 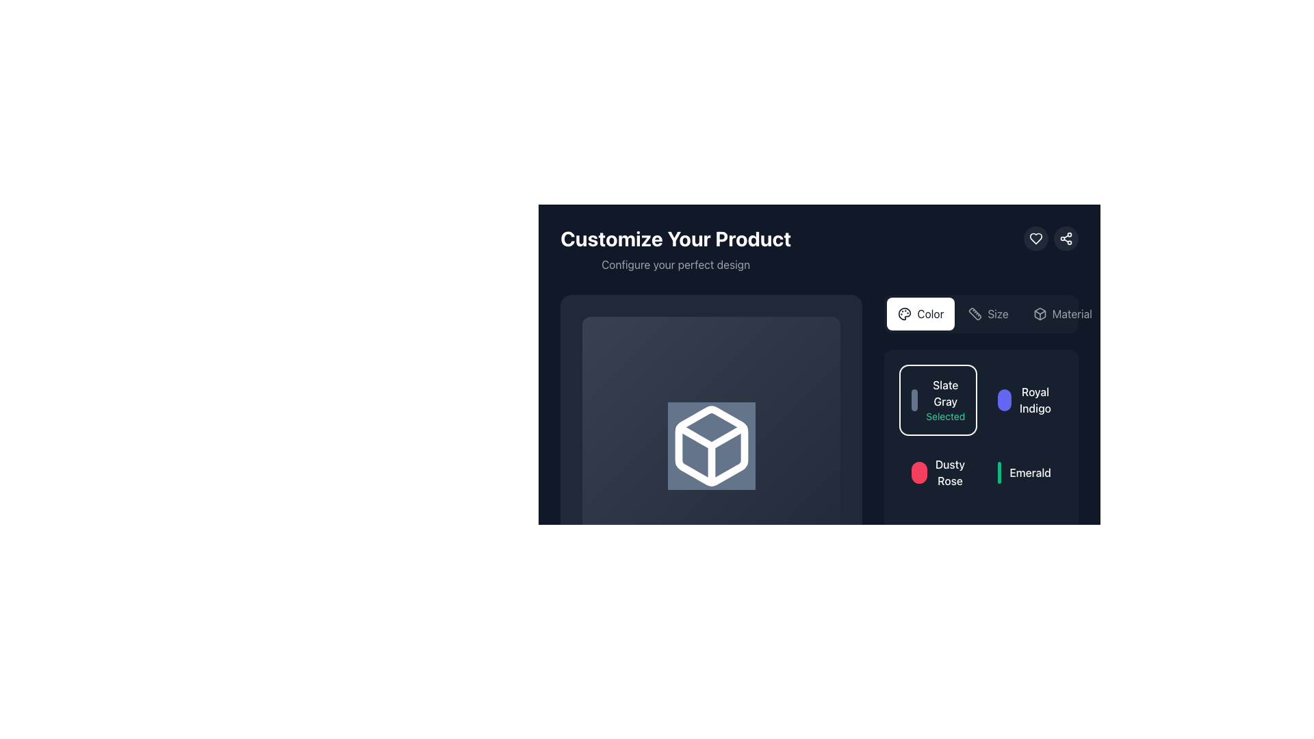 What do you see at coordinates (1035, 400) in the screenshot?
I see `'Royal Indigo' text label located in the top-right section under the 'Color' tab in the customization panel, adjacent to a circular indigo-colored marker` at bounding box center [1035, 400].